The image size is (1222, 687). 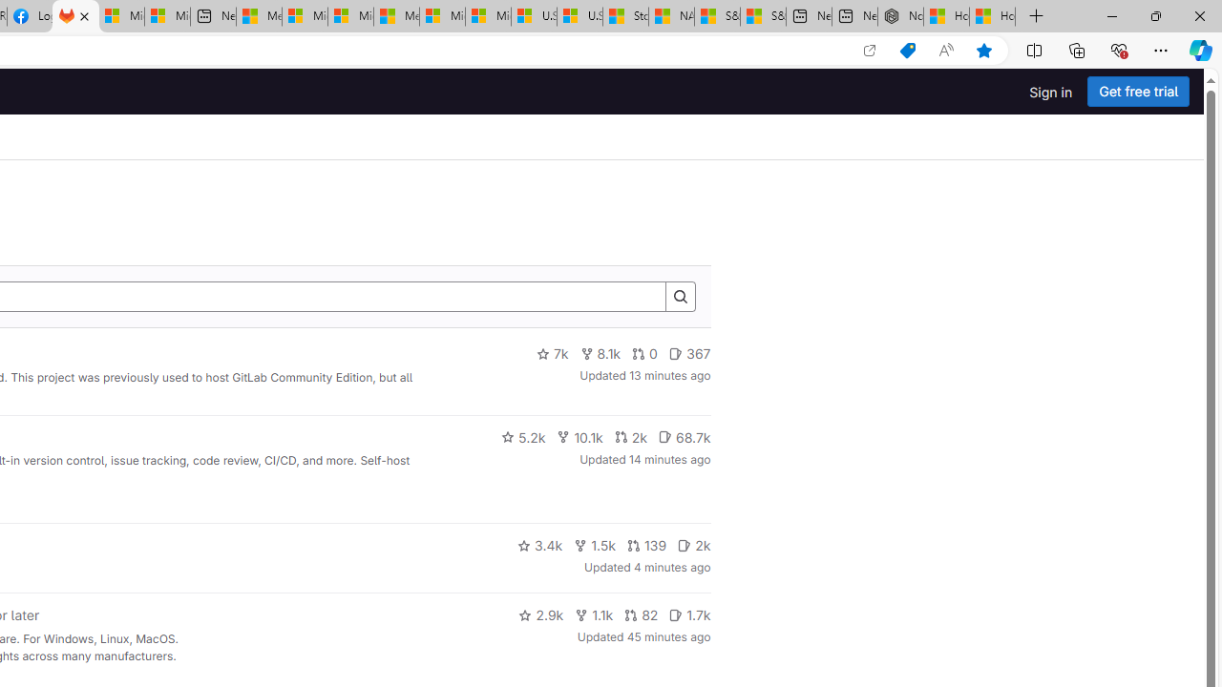 I want to click on '139', so click(x=646, y=546).